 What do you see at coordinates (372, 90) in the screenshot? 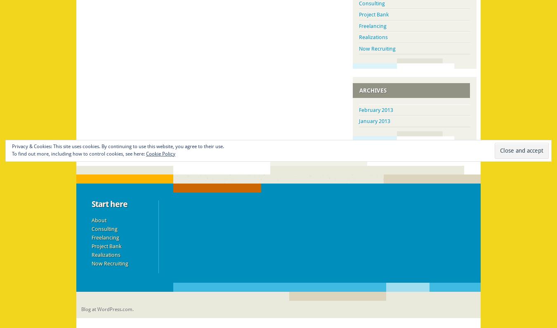
I see `'Archives'` at bounding box center [372, 90].